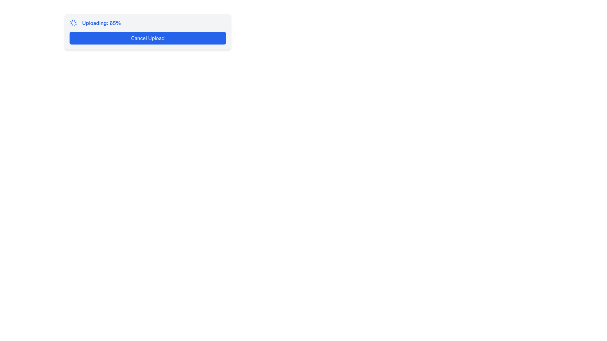 The width and height of the screenshot is (607, 341). Describe the element at coordinates (101, 23) in the screenshot. I see `the progress status Label located to the right of the spinning loader icon and above the blue 'Cancel Upload' button` at that location.